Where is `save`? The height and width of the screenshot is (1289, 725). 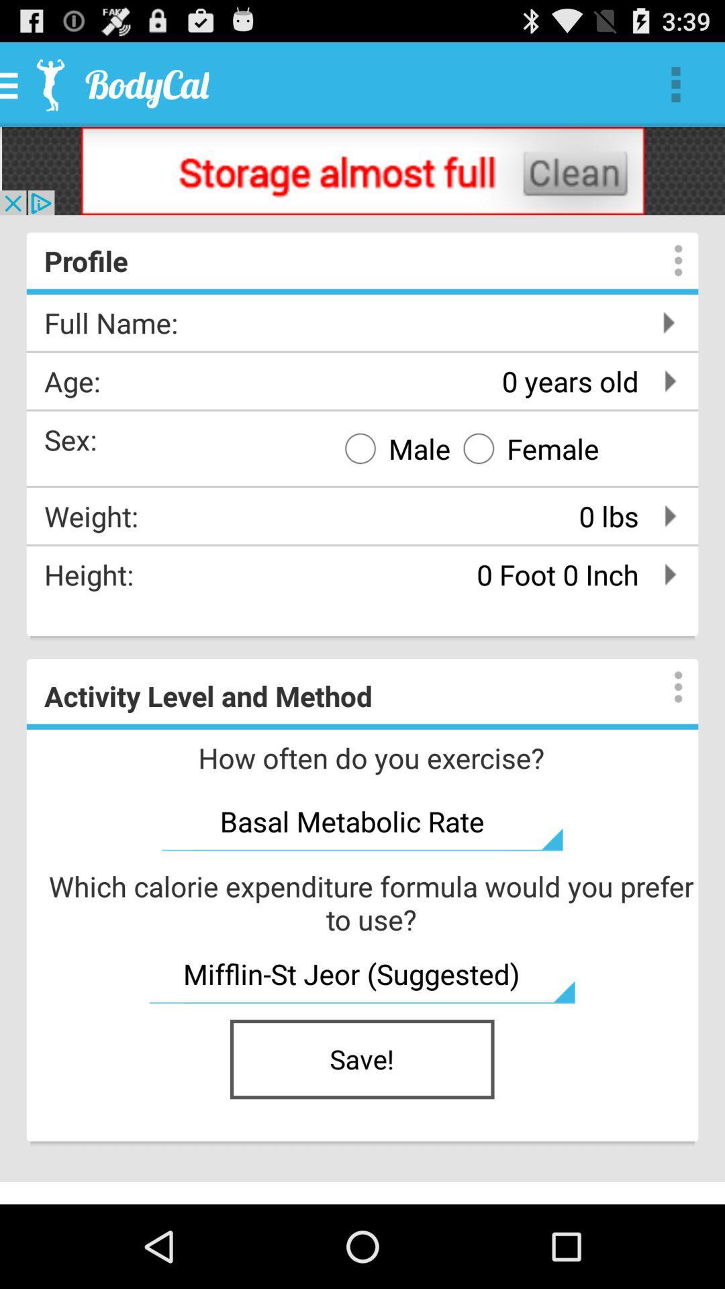 save is located at coordinates (362, 1059).